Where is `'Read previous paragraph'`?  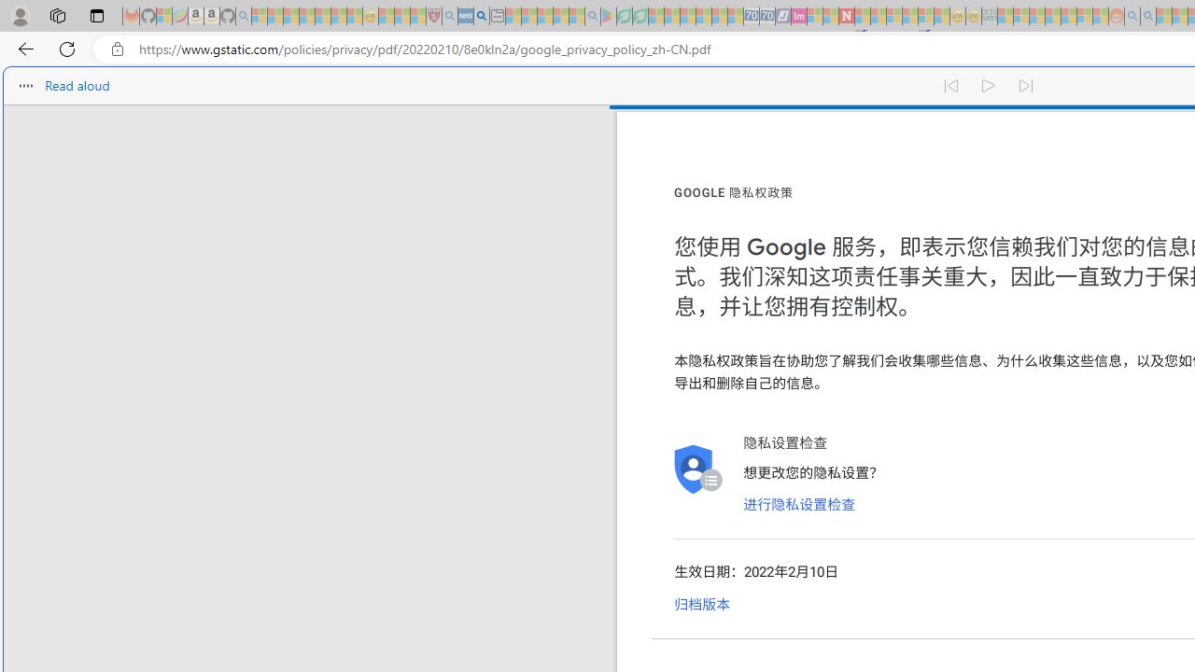
'Read previous paragraph' is located at coordinates (950, 86).